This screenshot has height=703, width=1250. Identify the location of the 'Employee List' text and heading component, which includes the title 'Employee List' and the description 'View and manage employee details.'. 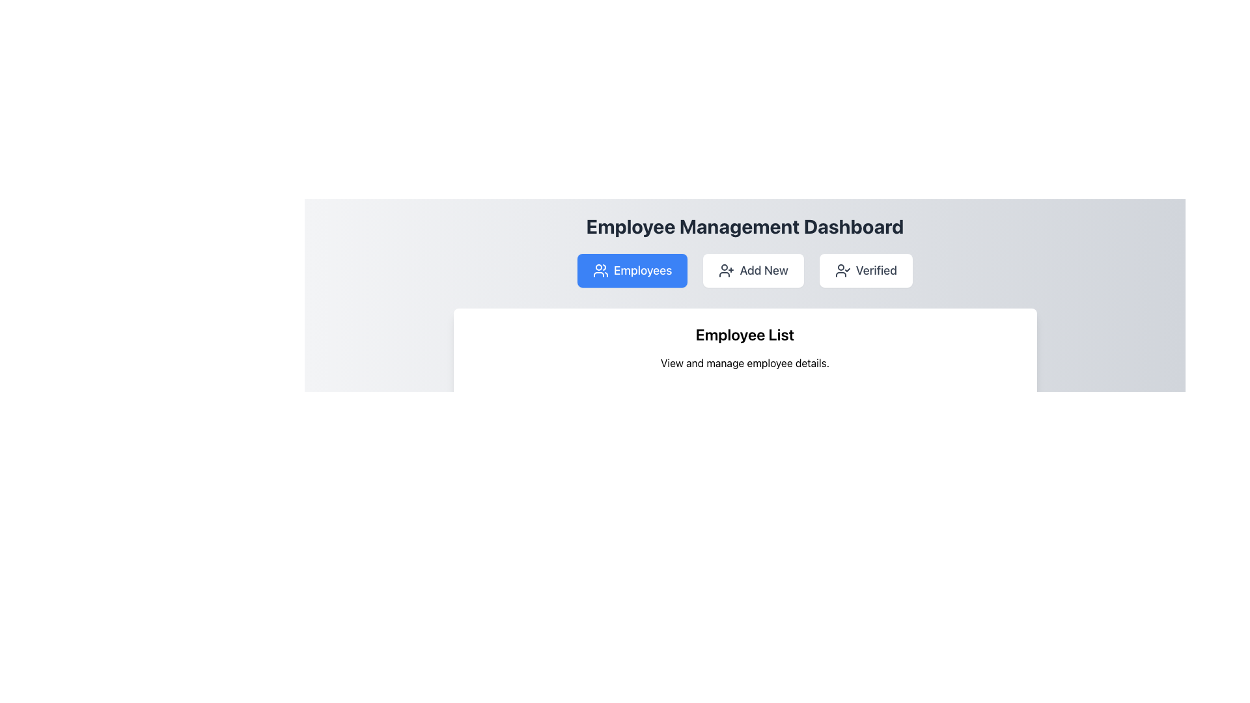
(745, 346).